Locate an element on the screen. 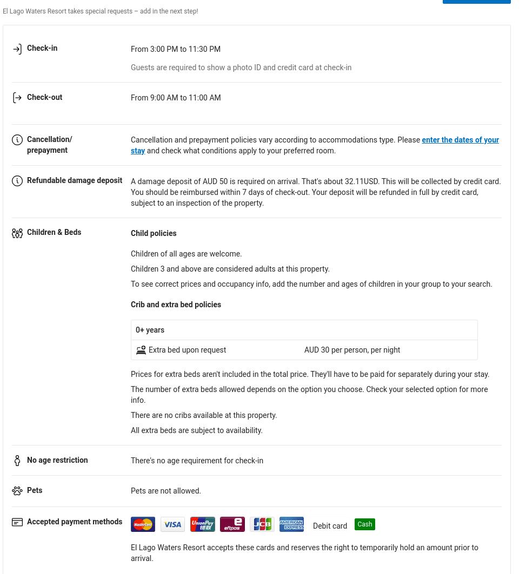  'AUD 30 per person, per night' is located at coordinates (351, 349).